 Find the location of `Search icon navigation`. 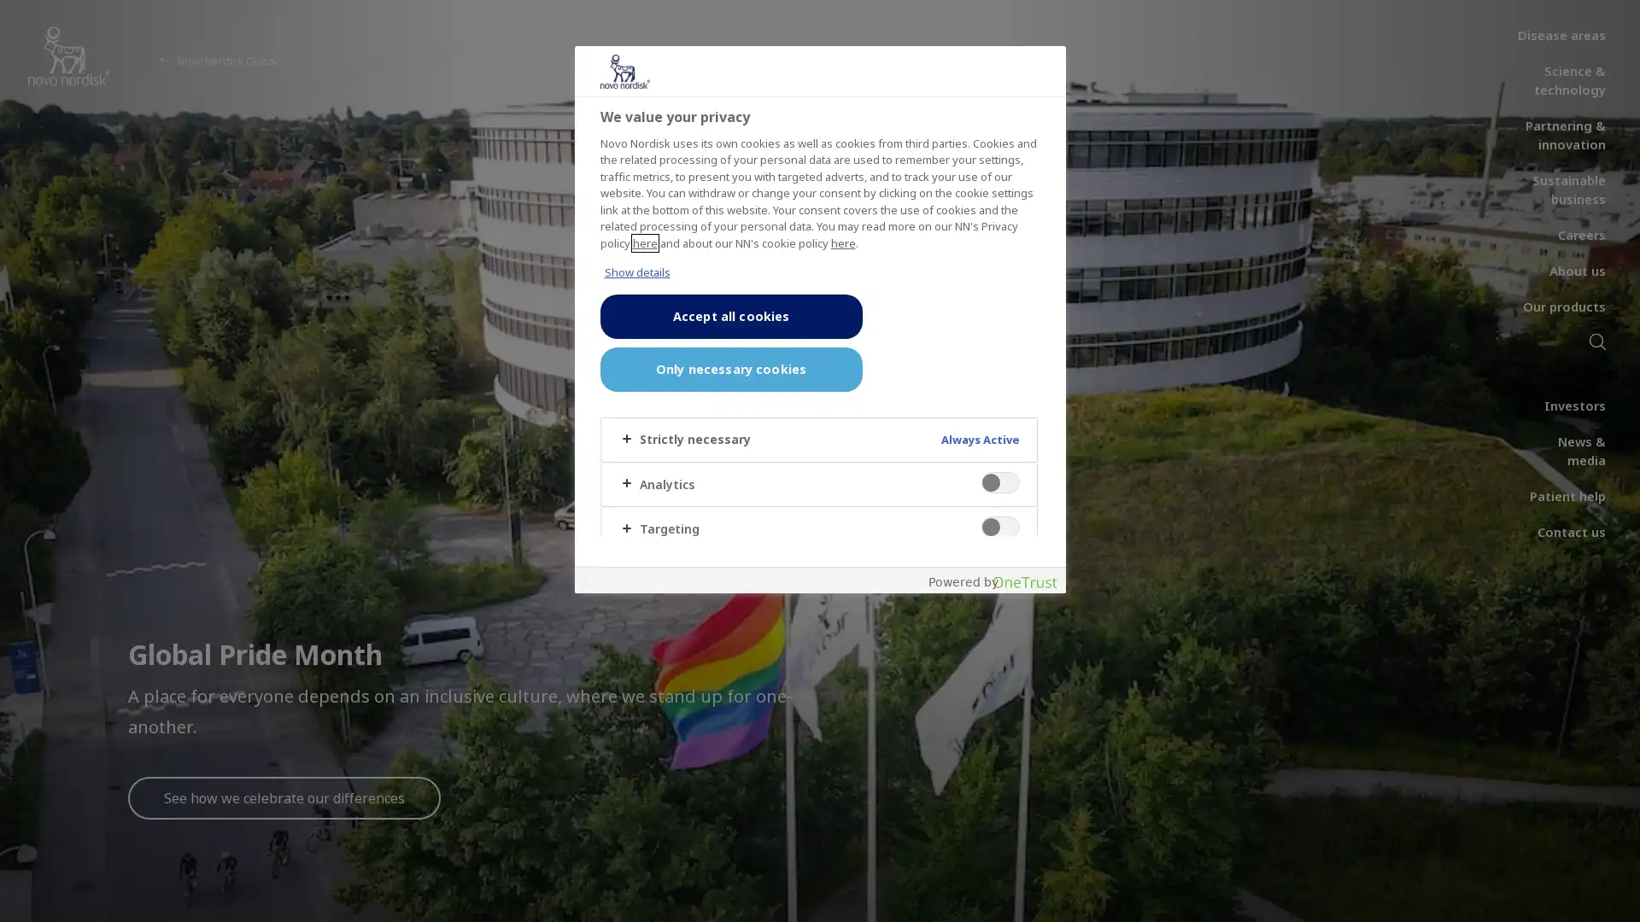

Search icon navigation is located at coordinates (1596, 341).